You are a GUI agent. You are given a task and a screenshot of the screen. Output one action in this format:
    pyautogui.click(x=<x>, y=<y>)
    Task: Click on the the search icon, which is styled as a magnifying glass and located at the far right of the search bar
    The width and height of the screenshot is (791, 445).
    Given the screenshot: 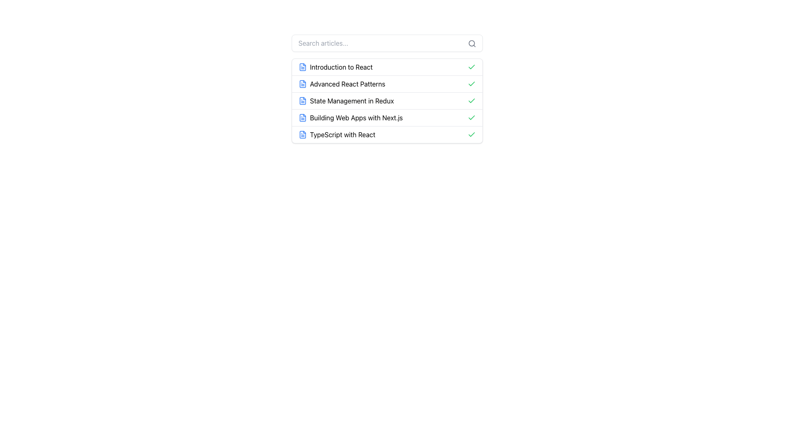 What is the action you would take?
    pyautogui.click(x=472, y=43)
    